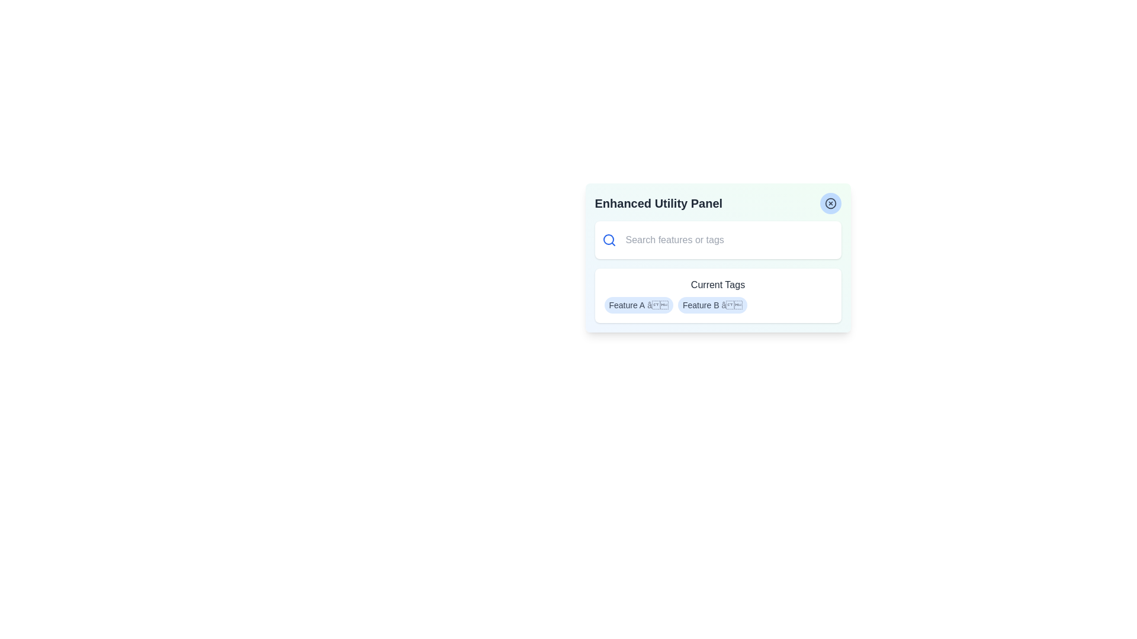 The width and height of the screenshot is (1137, 639). What do you see at coordinates (717, 257) in the screenshot?
I see `within the 'Enhanced Utility Panel' which has a gradient background from blue to green, a title, a search bar, and a section for 'Current Tags'` at bounding box center [717, 257].